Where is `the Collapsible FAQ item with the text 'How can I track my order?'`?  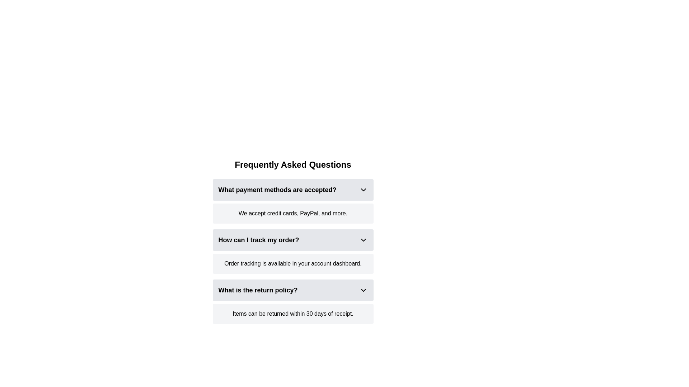 the Collapsible FAQ item with the text 'How can I track my order?' is located at coordinates (293, 240).